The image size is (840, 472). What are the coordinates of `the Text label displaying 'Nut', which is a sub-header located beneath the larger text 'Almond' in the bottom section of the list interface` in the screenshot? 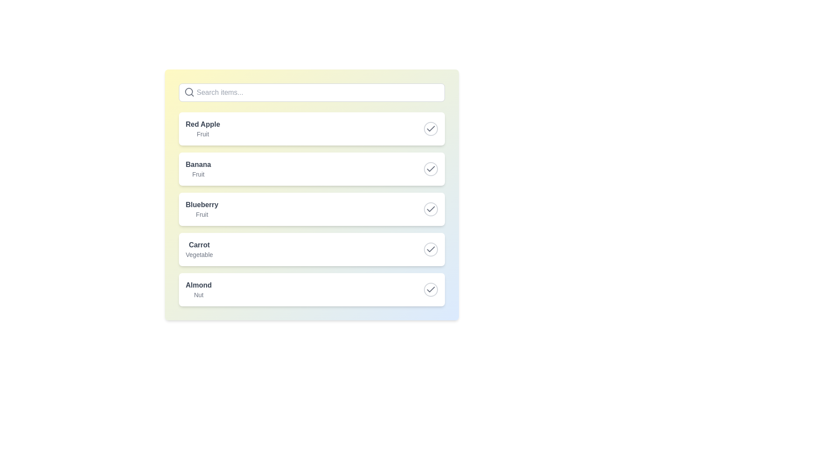 It's located at (198, 295).